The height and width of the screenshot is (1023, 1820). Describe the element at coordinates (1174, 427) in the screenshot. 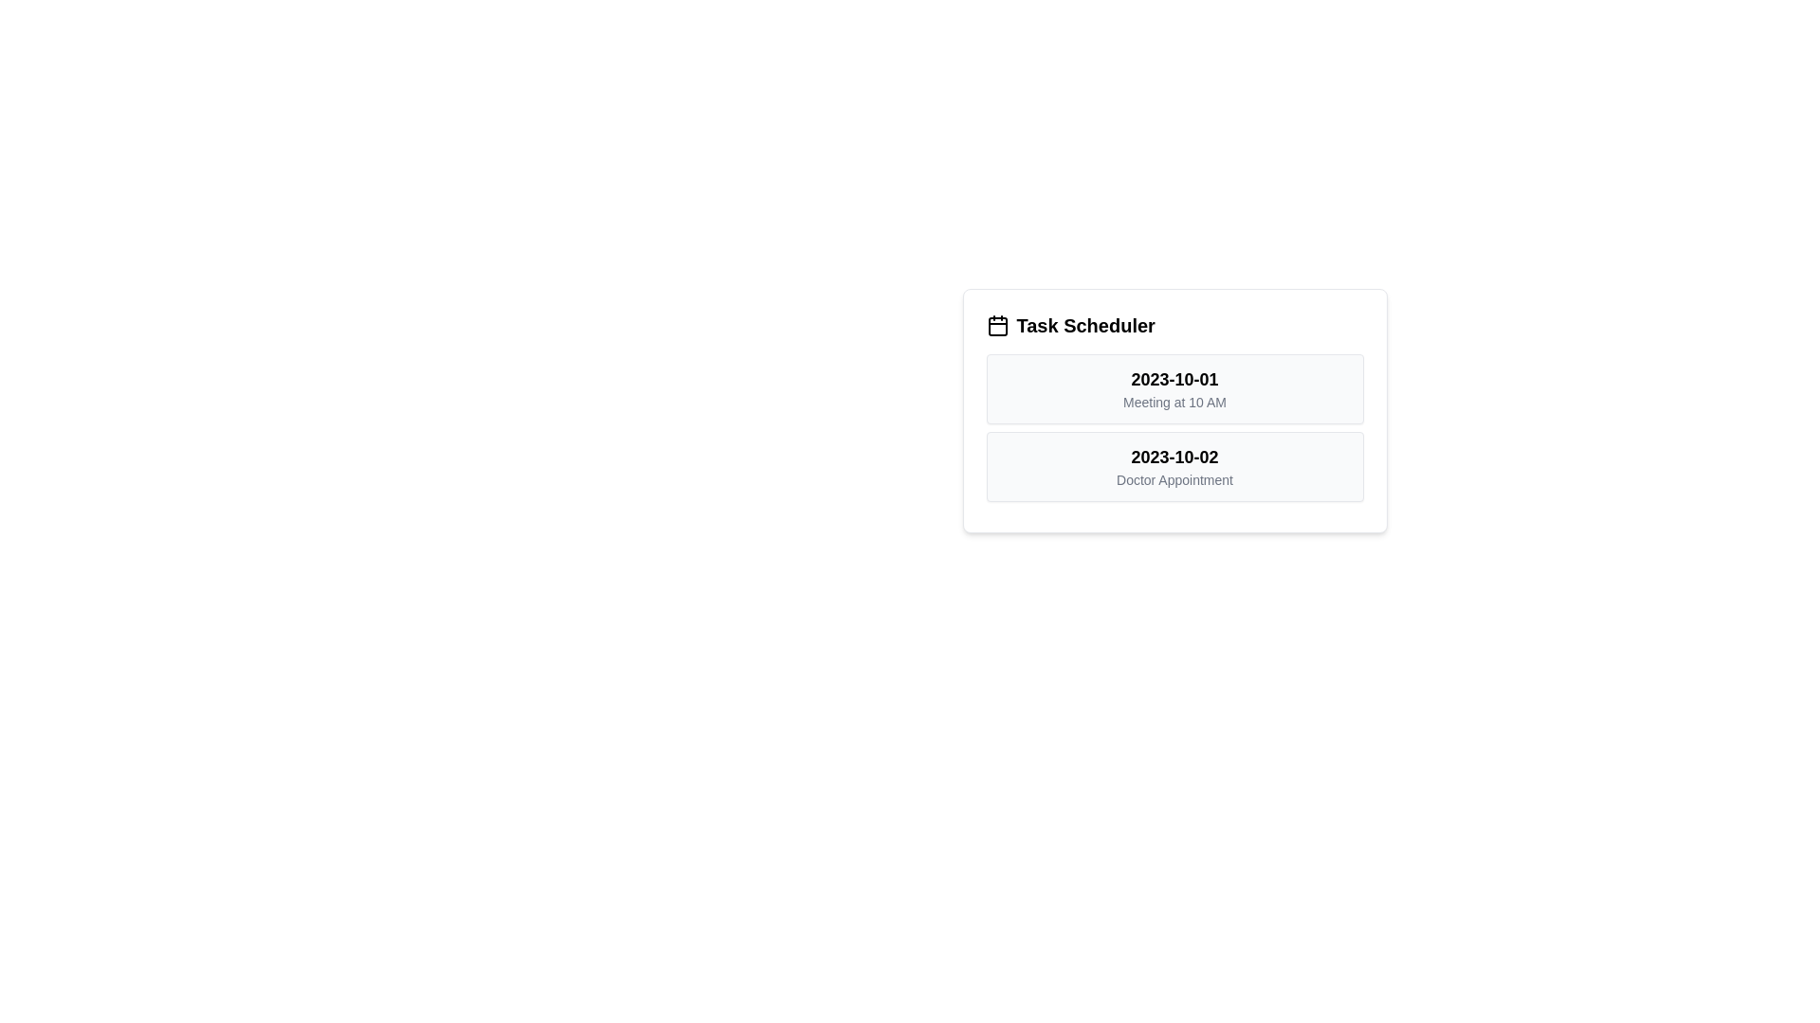

I see `the List of informational items under the 'Task Scheduler' section` at that location.